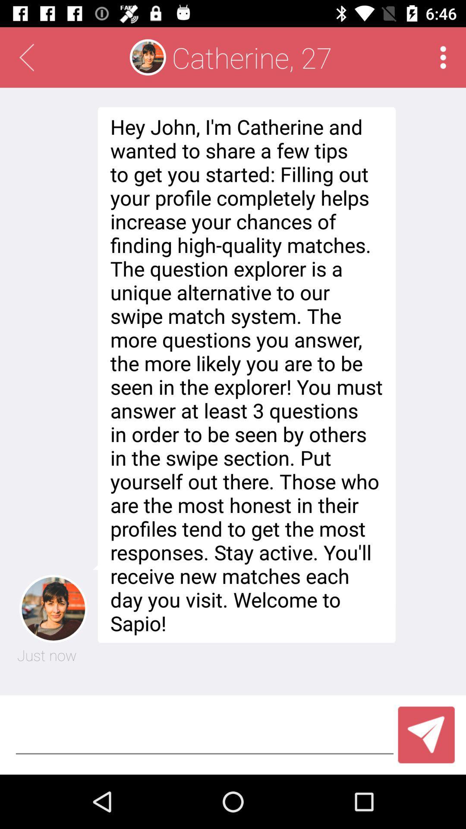 This screenshot has height=829, width=466. What do you see at coordinates (26, 57) in the screenshot?
I see `the arrow_backward icon` at bounding box center [26, 57].